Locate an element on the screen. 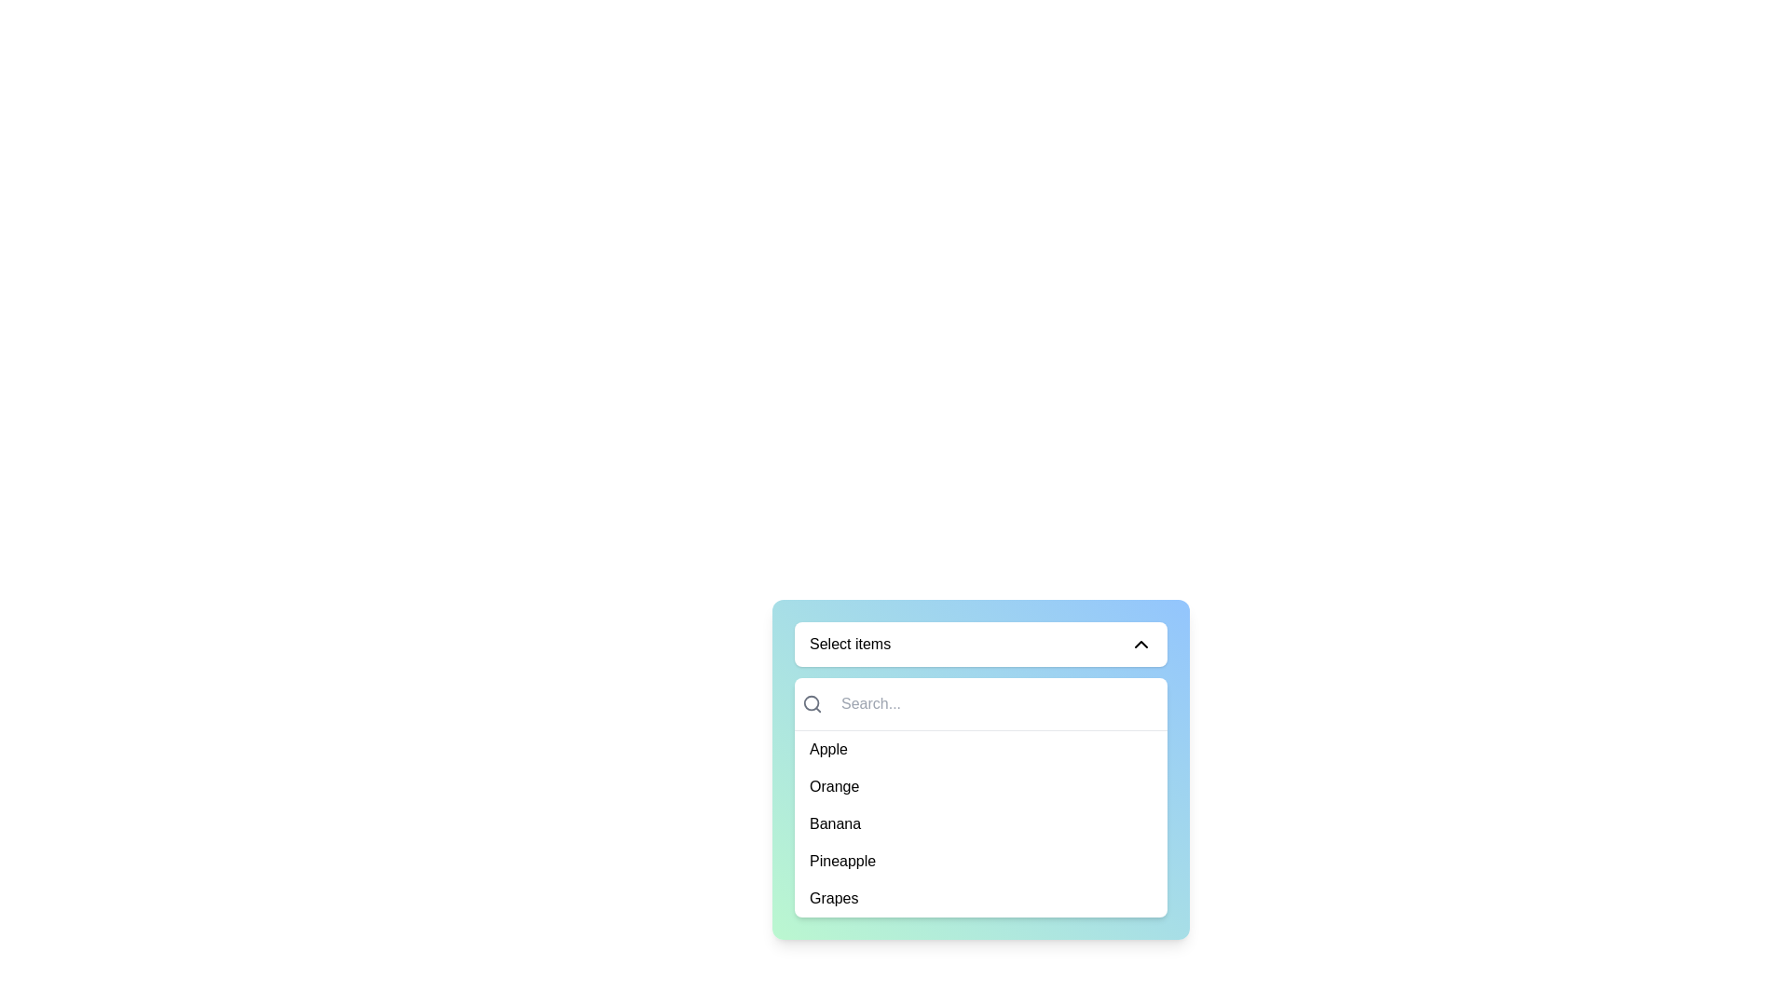  an item in the vertical list of options, which includes 'Apple', 'Orange', 'Banana', 'Pineapple', and 'Grapes' is located at coordinates (979, 796).